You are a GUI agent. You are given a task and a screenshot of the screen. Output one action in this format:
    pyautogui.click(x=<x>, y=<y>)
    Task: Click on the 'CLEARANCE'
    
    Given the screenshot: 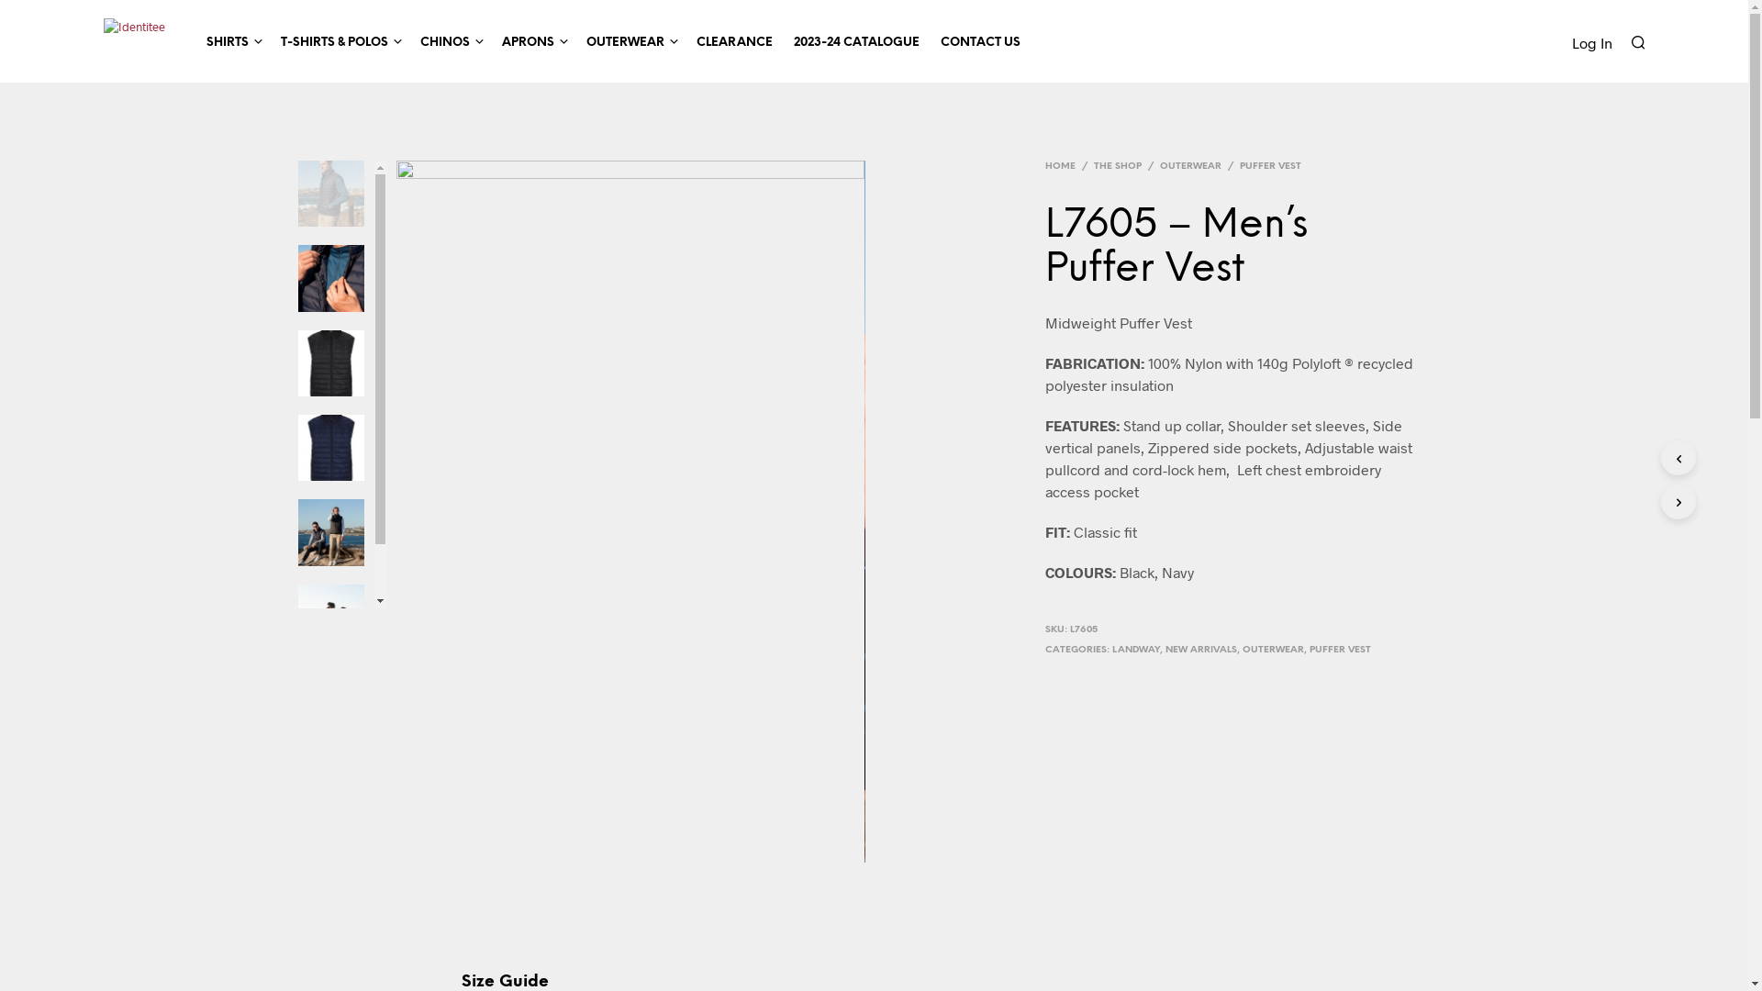 What is the action you would take?
    pyautogui.click(x=732, y=41)
    